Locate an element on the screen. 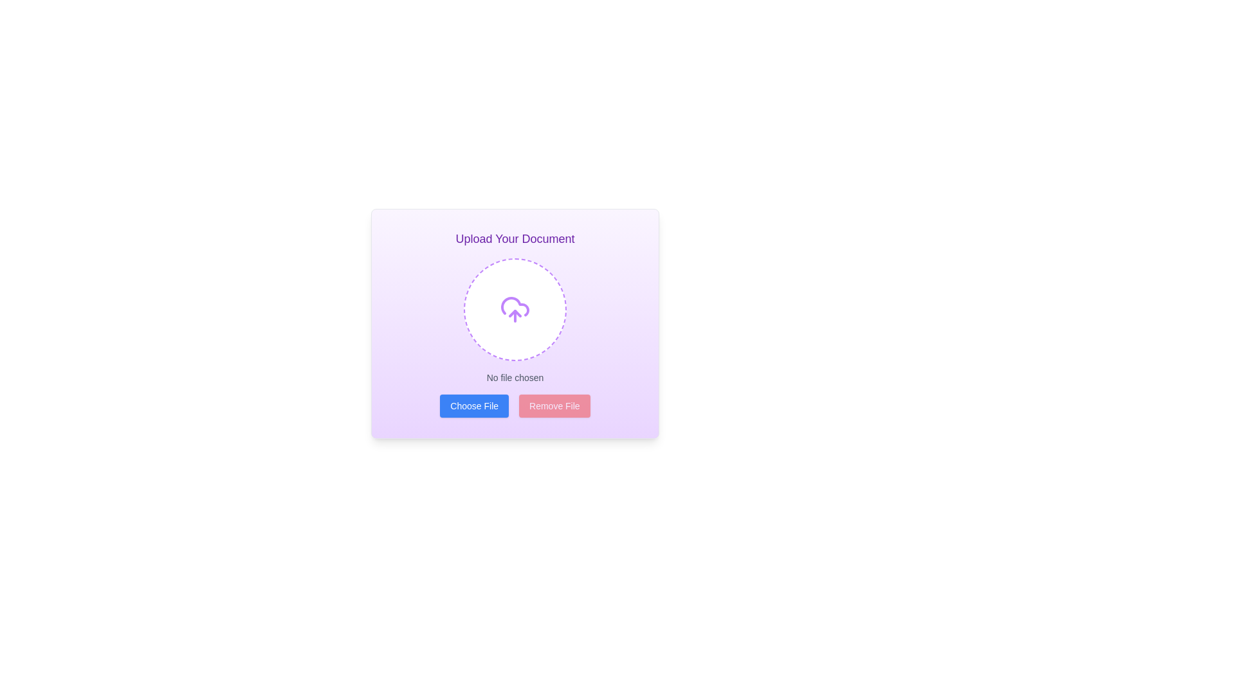 The height and width of the screenshot is (694, 1235). the interactive button located to the left of the red 'Remove File' button to initiate the file selection process is located at coordinates (473, 406).